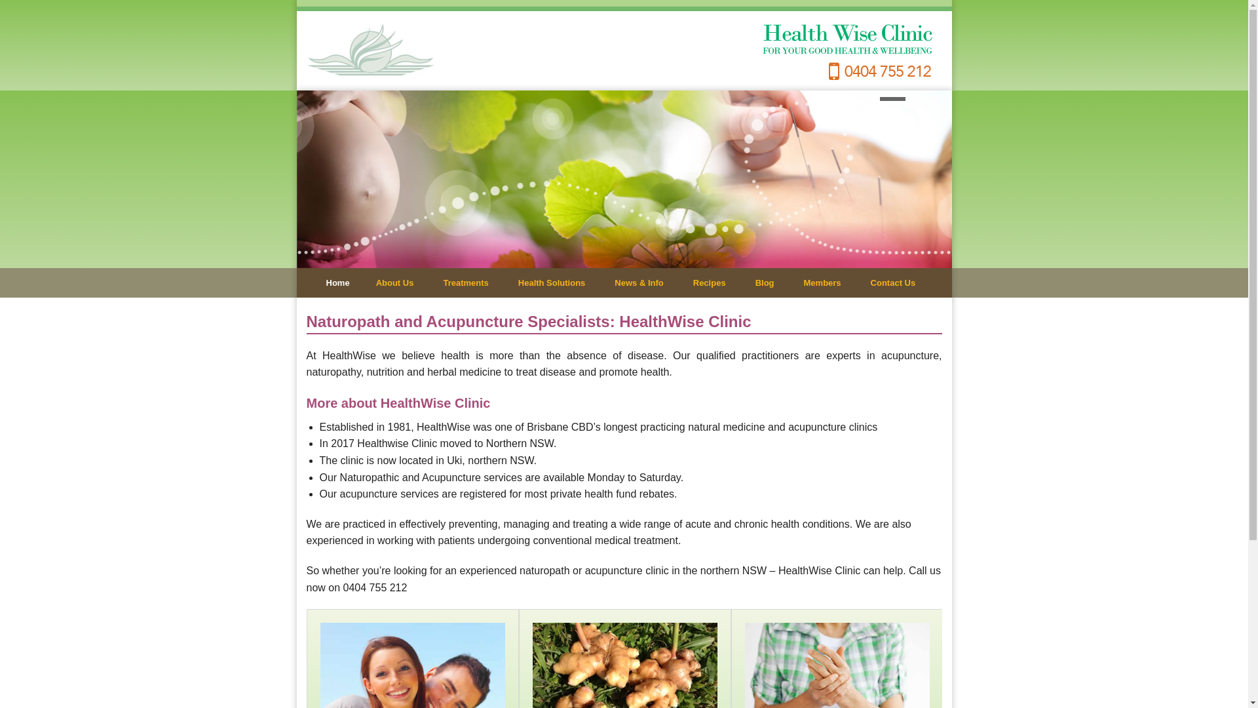 The image size is (1258, 708). What do you see at coordinates (340, 282) in the screenshot?
I see `'Home'` at bounding box center [340, 282].